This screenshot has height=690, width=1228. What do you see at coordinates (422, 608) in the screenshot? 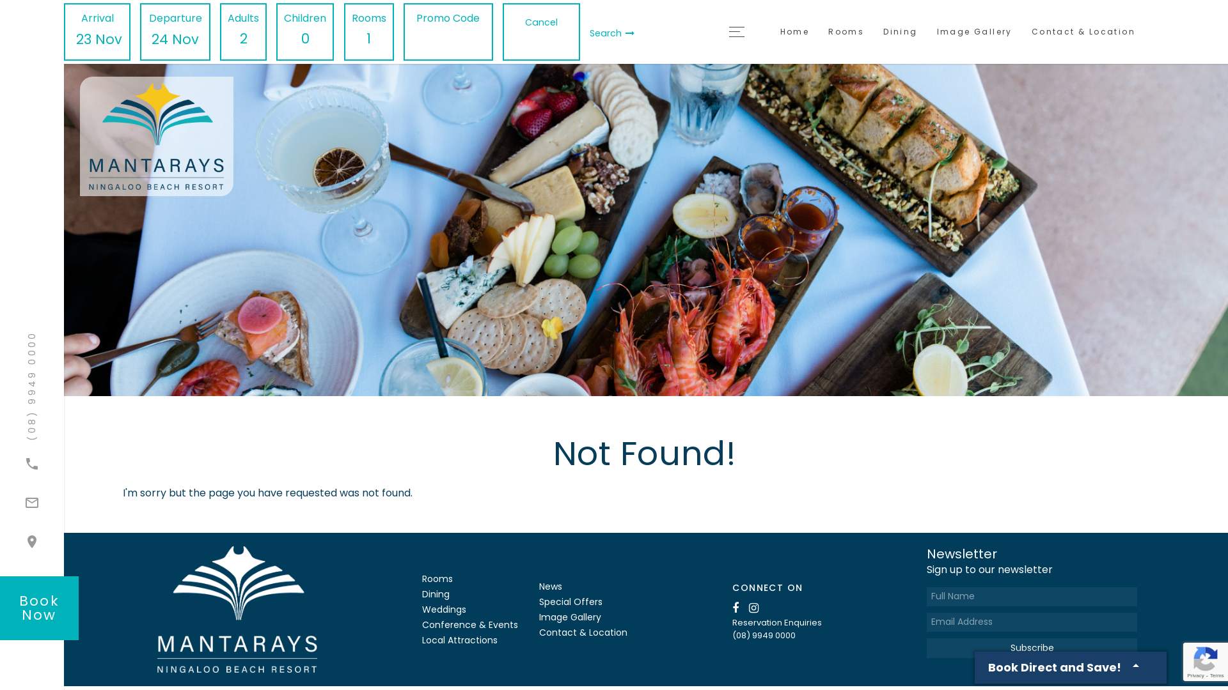
I see `'Weddings'` at bounding box center [422, 608].